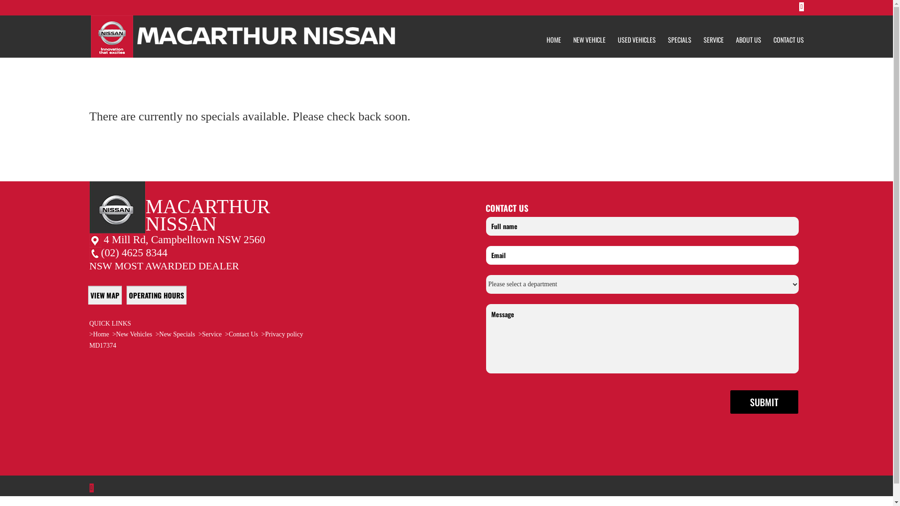 The height and width of the screenshot is (506, 900). Describe the element at coordinates (101, 334) in the screenshot. I see `'Home'` at that location.